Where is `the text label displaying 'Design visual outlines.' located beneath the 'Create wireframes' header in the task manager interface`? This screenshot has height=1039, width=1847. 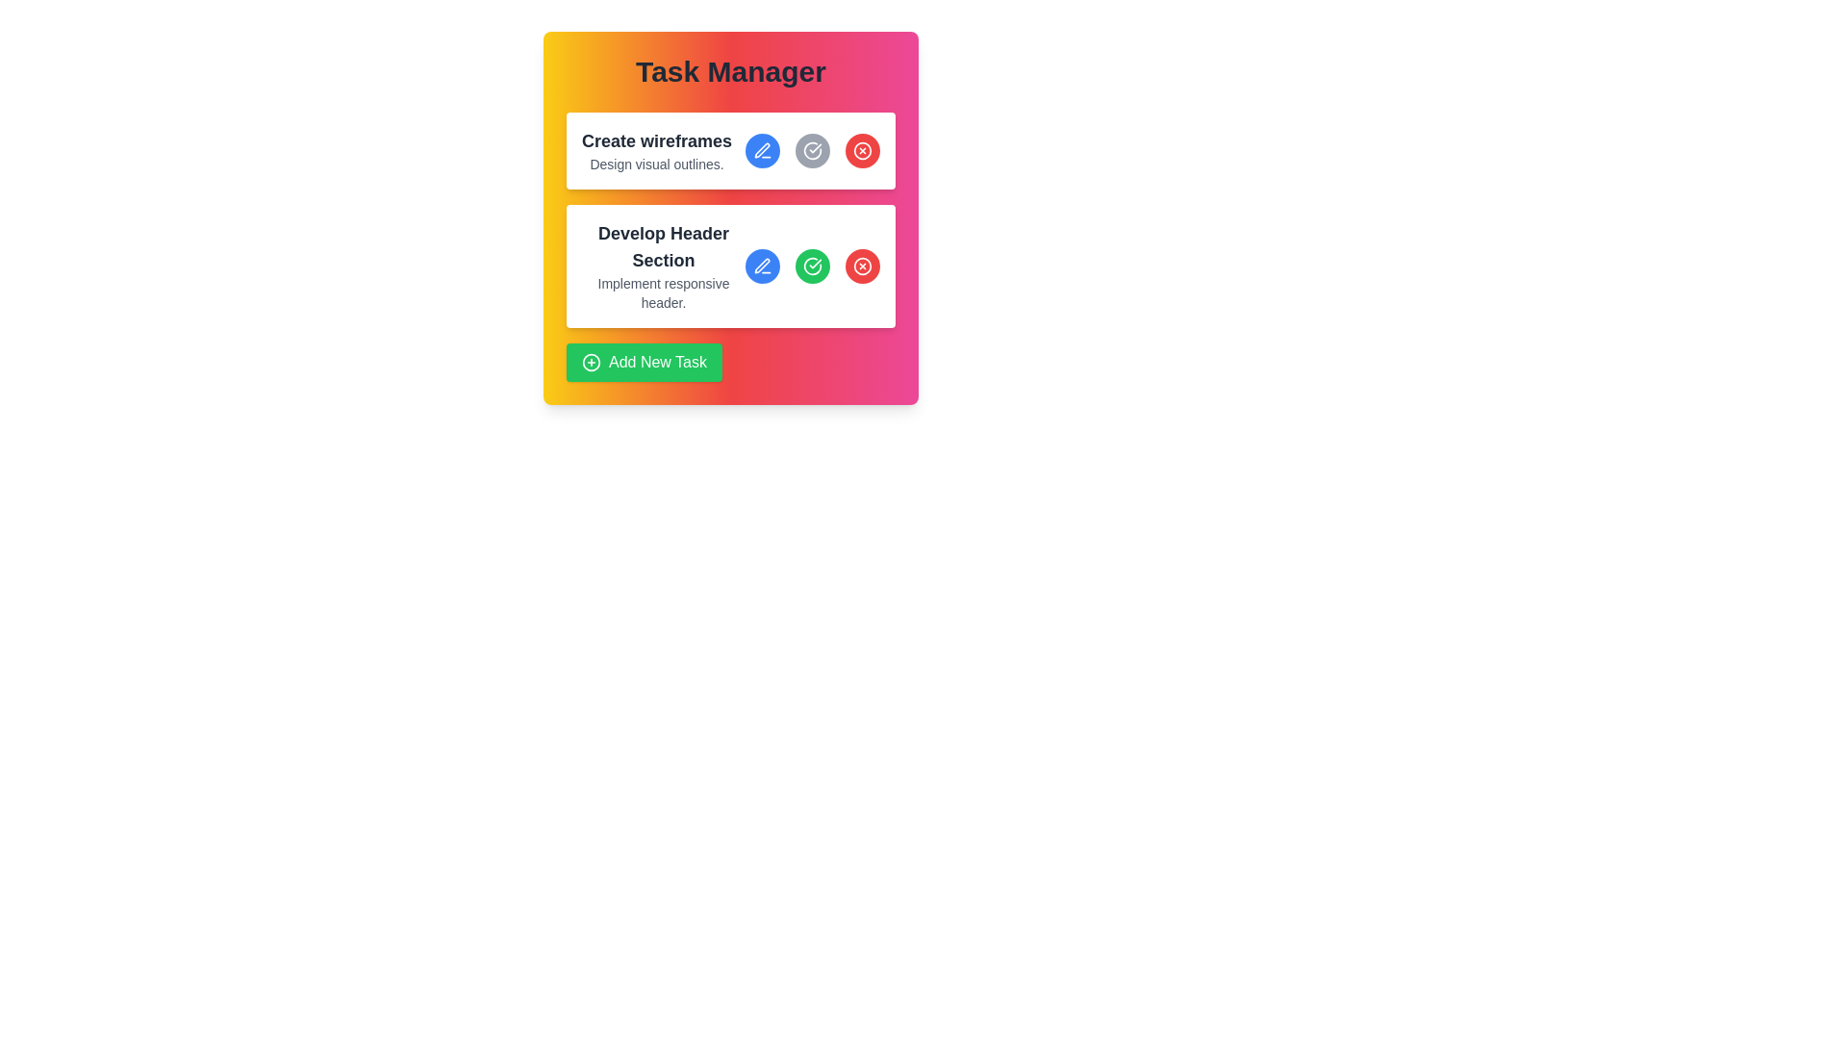
the text label displaying 'Design visual outlines.' located beneath the 'Create wireframes' header in the task manager interface is located at coordinates (657, 163).